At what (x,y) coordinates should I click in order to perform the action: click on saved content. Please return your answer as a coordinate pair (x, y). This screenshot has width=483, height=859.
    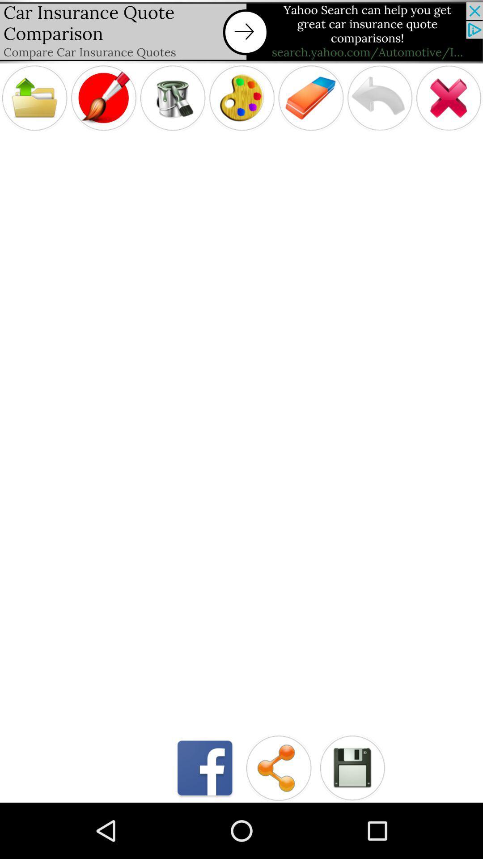
    Looking at the image, I should click on (352, 767).